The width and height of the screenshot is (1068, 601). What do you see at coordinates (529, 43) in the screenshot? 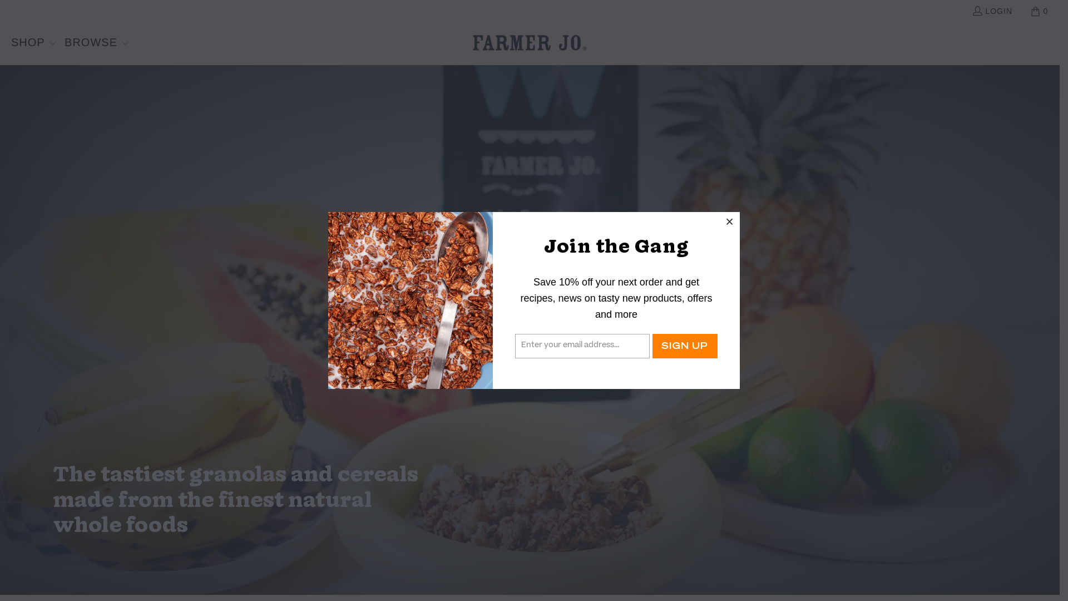
I see `'FarmerJo'` at bounding box center [529, 43].